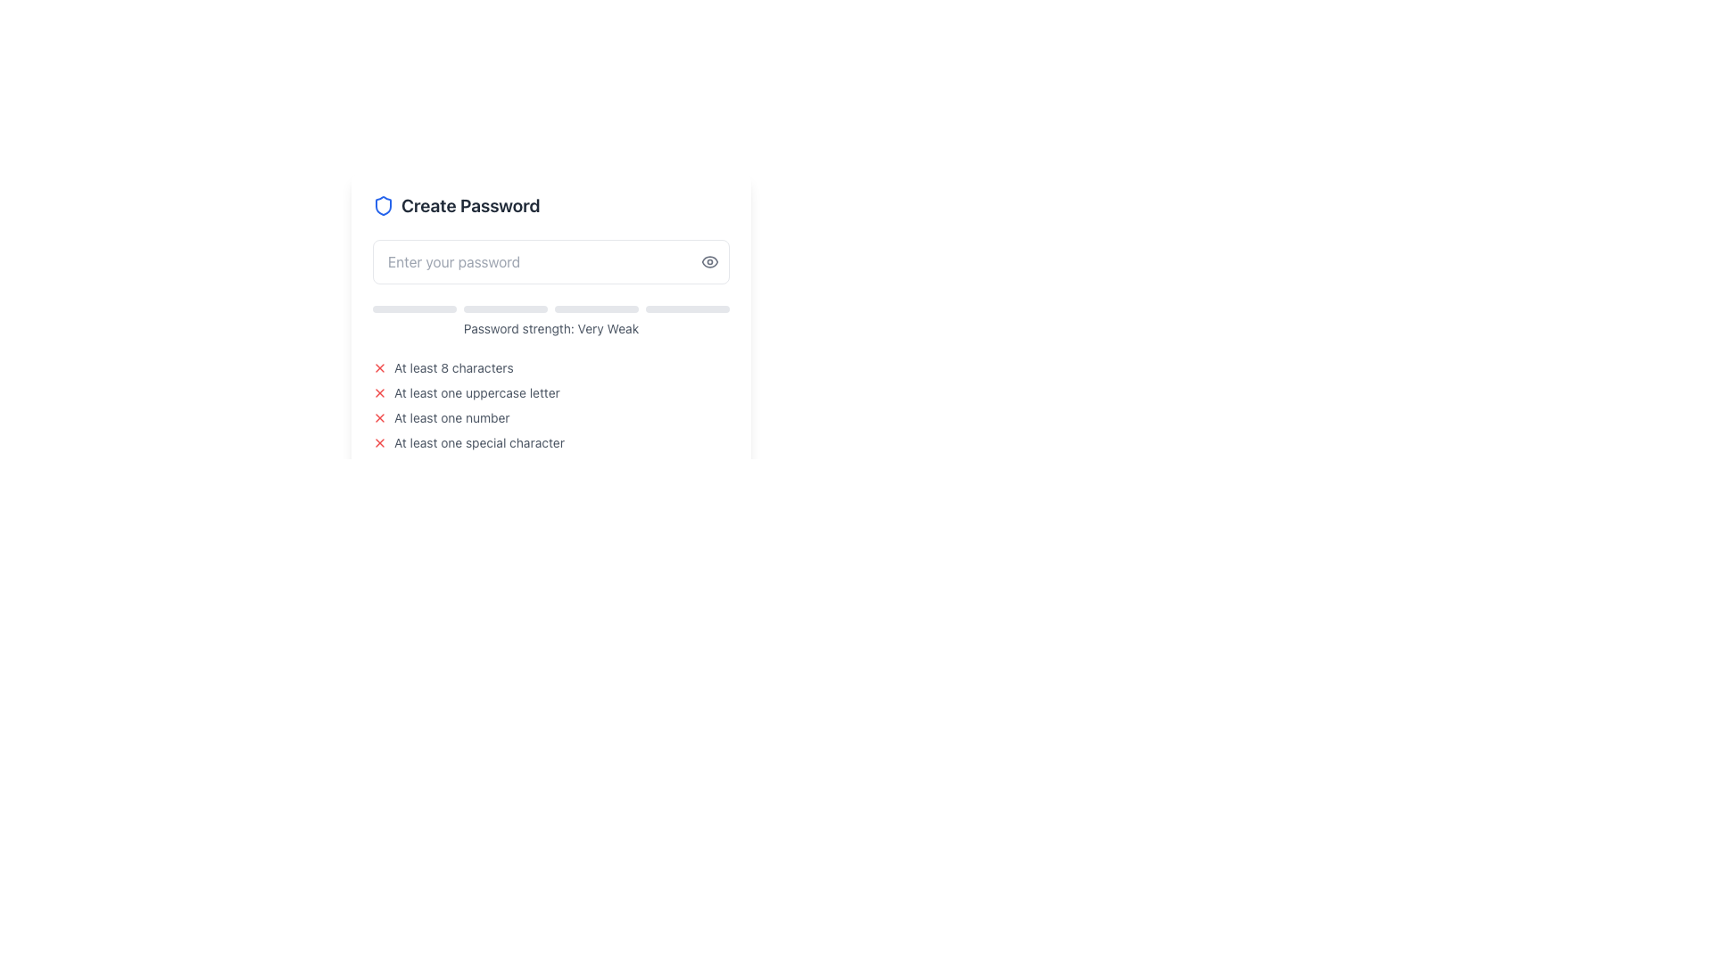 The image size is (1713, 963). I want to click on the fourth progress bar segment in the visual indicator series located below the 'Enter your password' text input field, so click(687, 309).